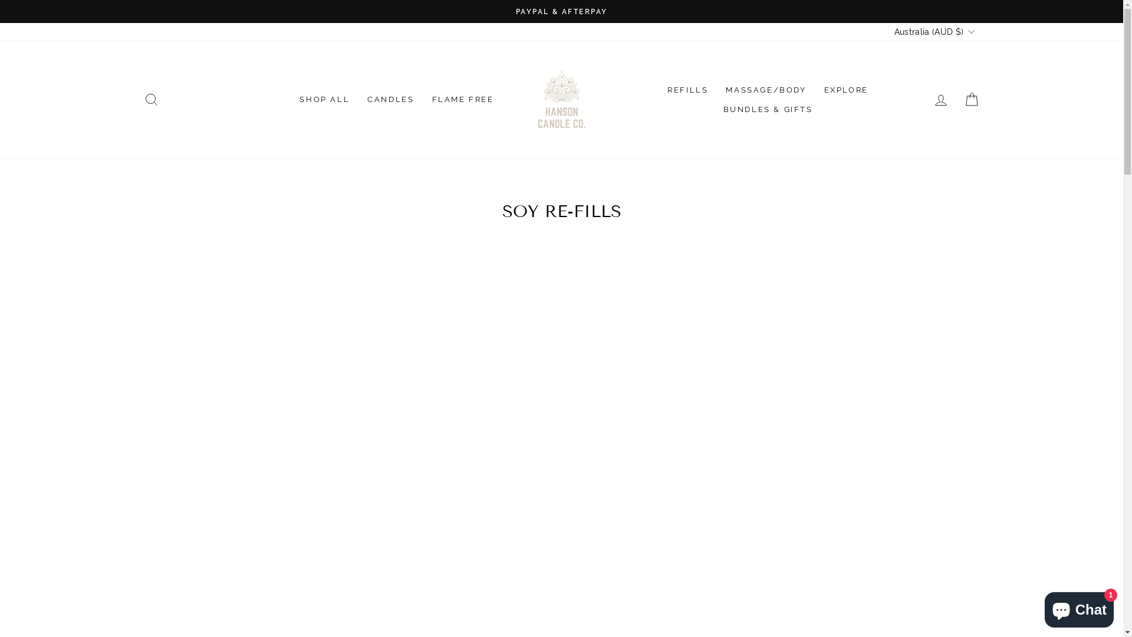 Image resolution: width=1132 pixels, height=637 pixels. Describe the element at coordinates (1079, 607) in the screenshot. I see `'Shopify online store chat'` at that location.